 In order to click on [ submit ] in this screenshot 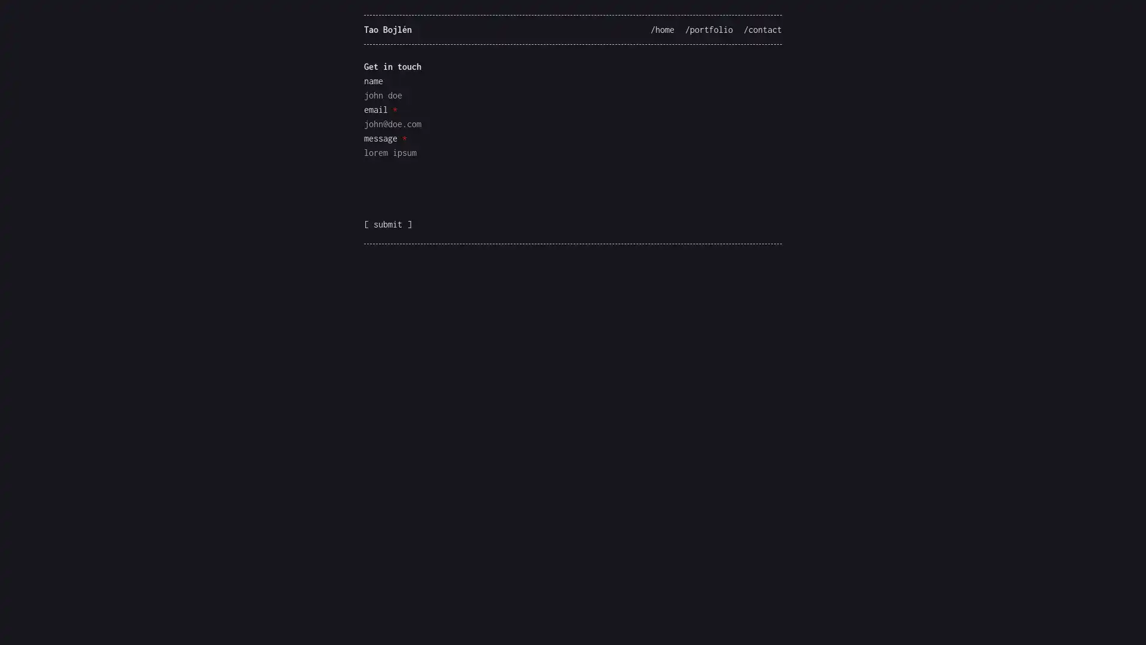, I will do `click(387, 224)`.